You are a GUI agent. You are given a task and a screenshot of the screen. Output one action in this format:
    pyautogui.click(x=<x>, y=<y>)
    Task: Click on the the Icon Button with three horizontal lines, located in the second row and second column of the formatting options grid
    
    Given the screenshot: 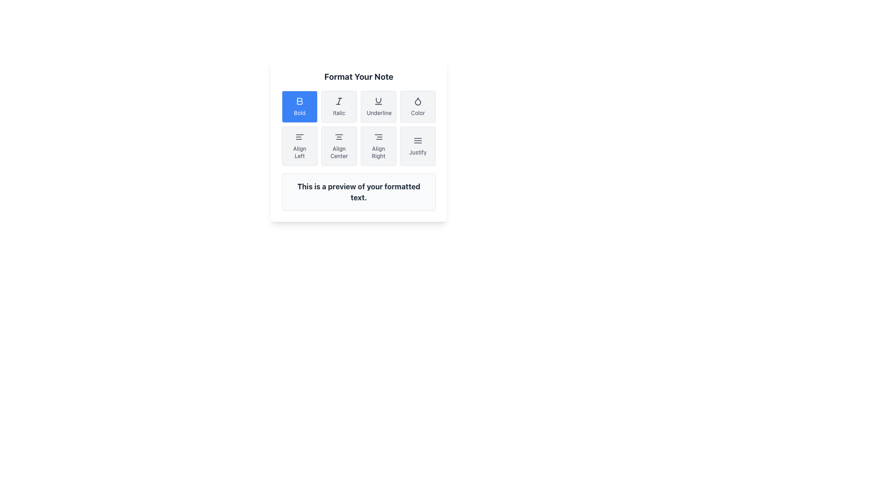 What is the action you would take?
    pyautogui.click(x=338, y=137)
    